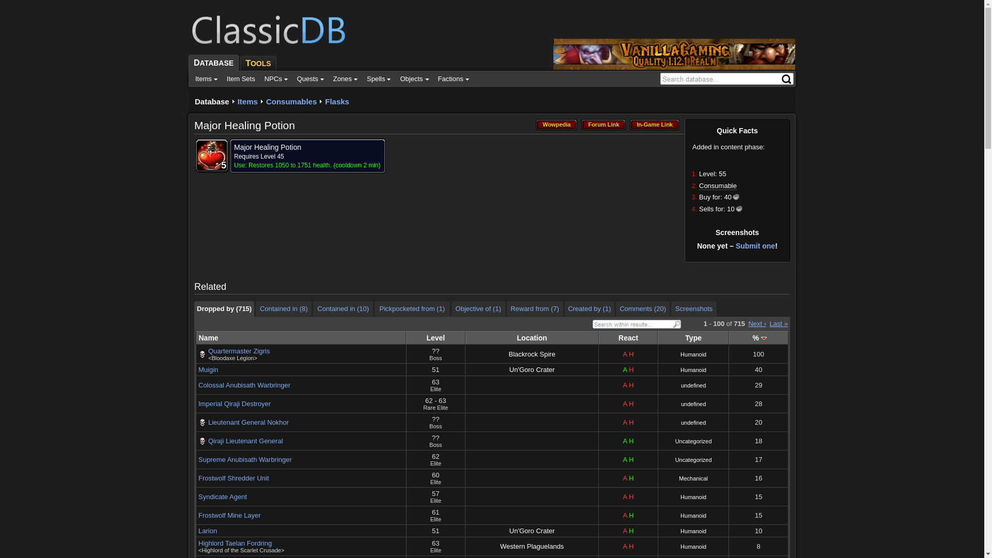 This screenshot has height=558, width=992. I want to click on 'Frostwolf Mine Layer', so click(229, 515).